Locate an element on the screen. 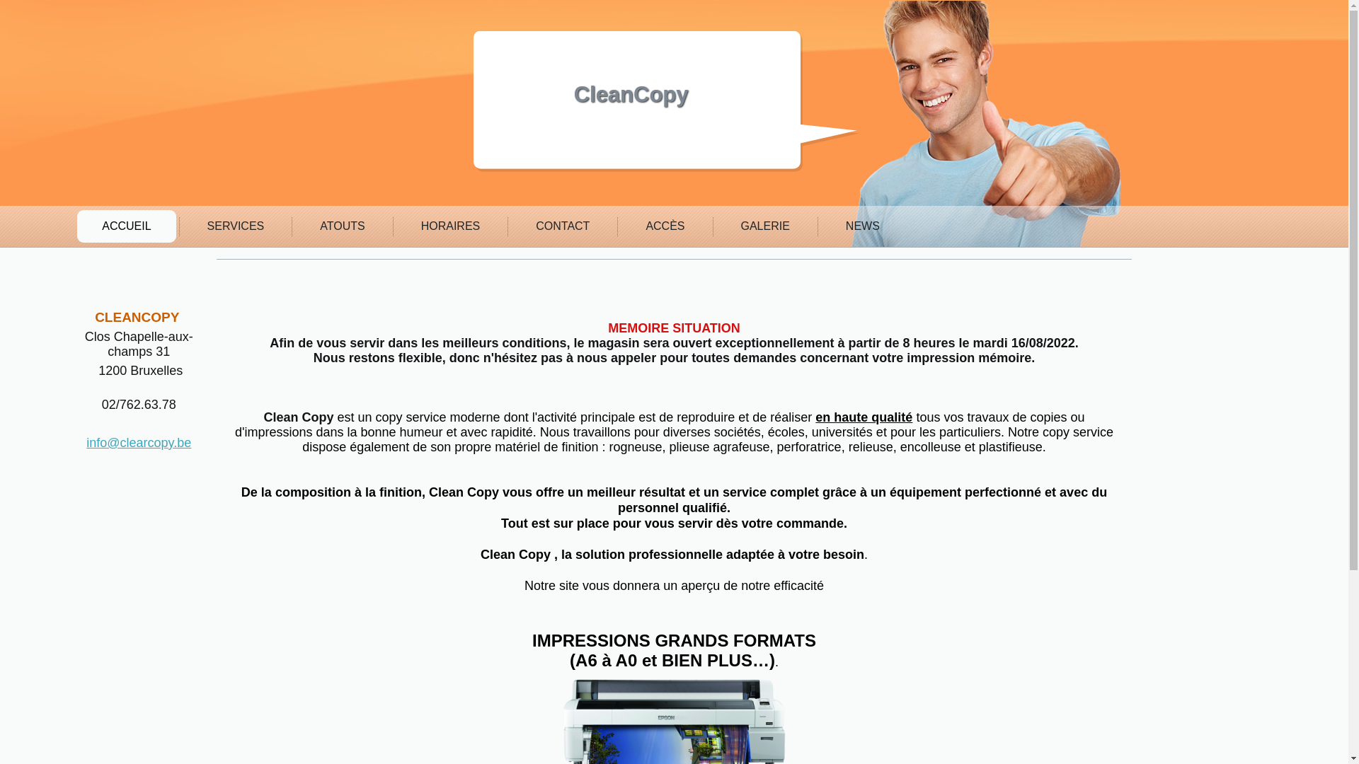 The height and width of the screenshot is (764, 1359). 'SERVICES' is located at coordinates (236, 226).